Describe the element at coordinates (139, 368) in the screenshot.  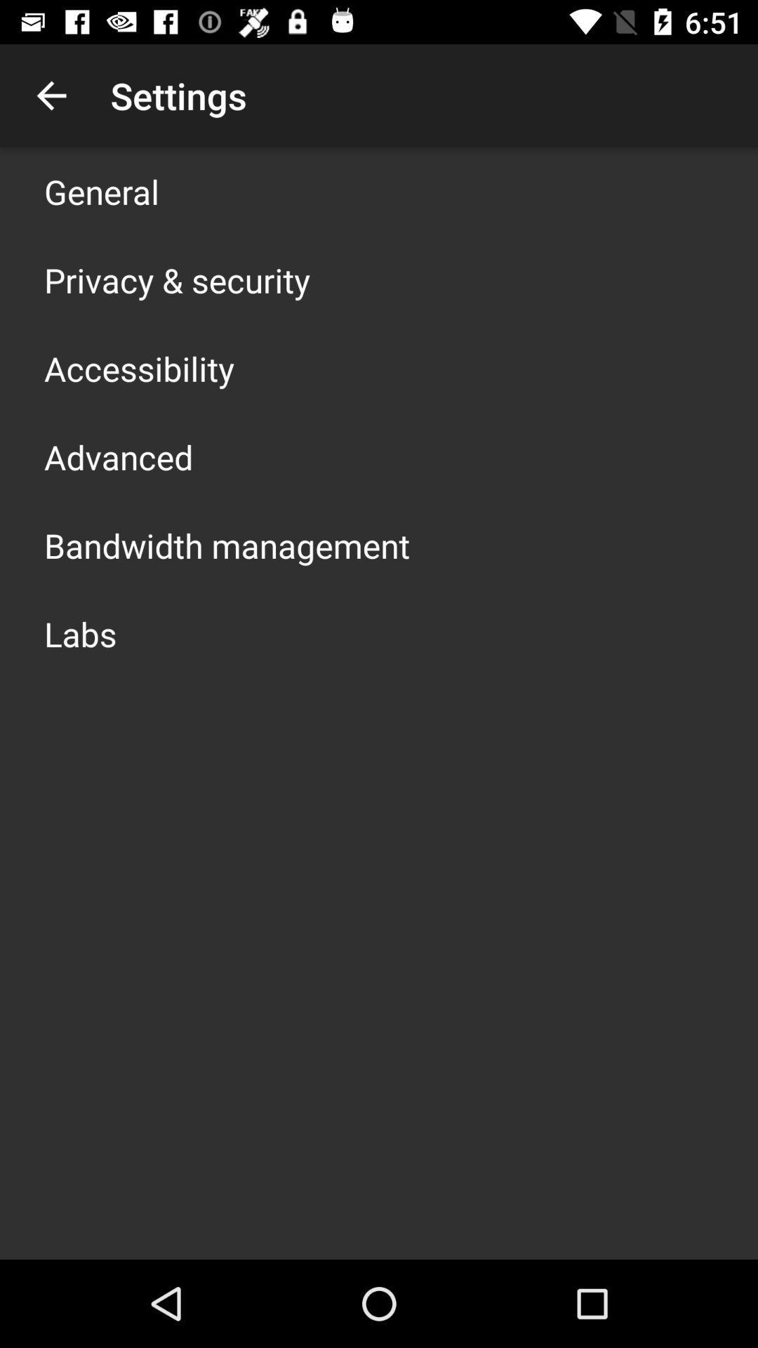
I see `the accessibility app` at that location.